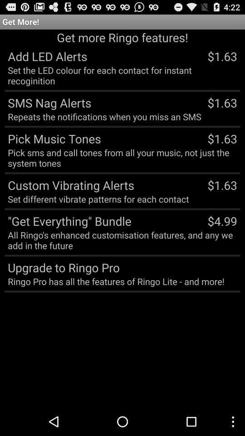 Image resolution: width=245 pixels, height=436 pixels. I want to click on the item to the left of $1.63 icon, so click(48, 102).